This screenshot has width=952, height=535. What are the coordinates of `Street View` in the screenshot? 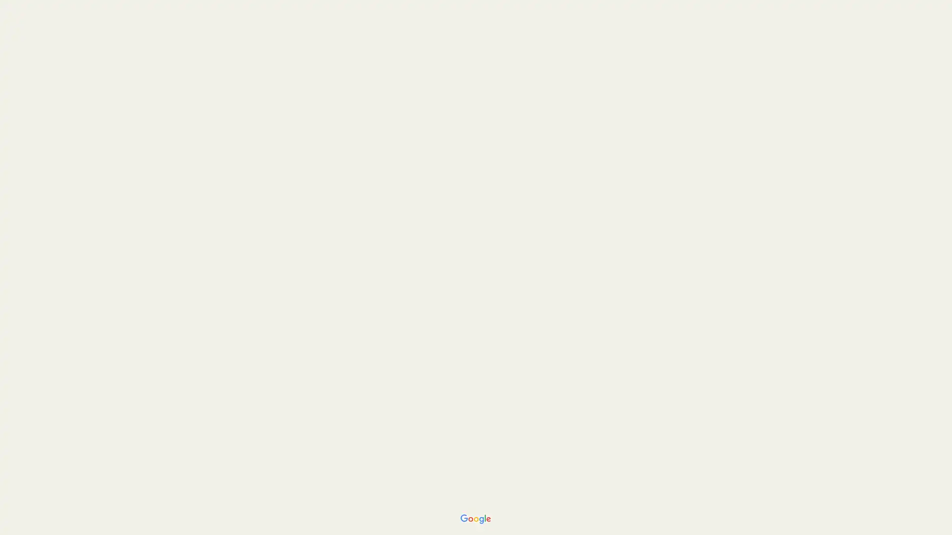 It's located at (101, 352).